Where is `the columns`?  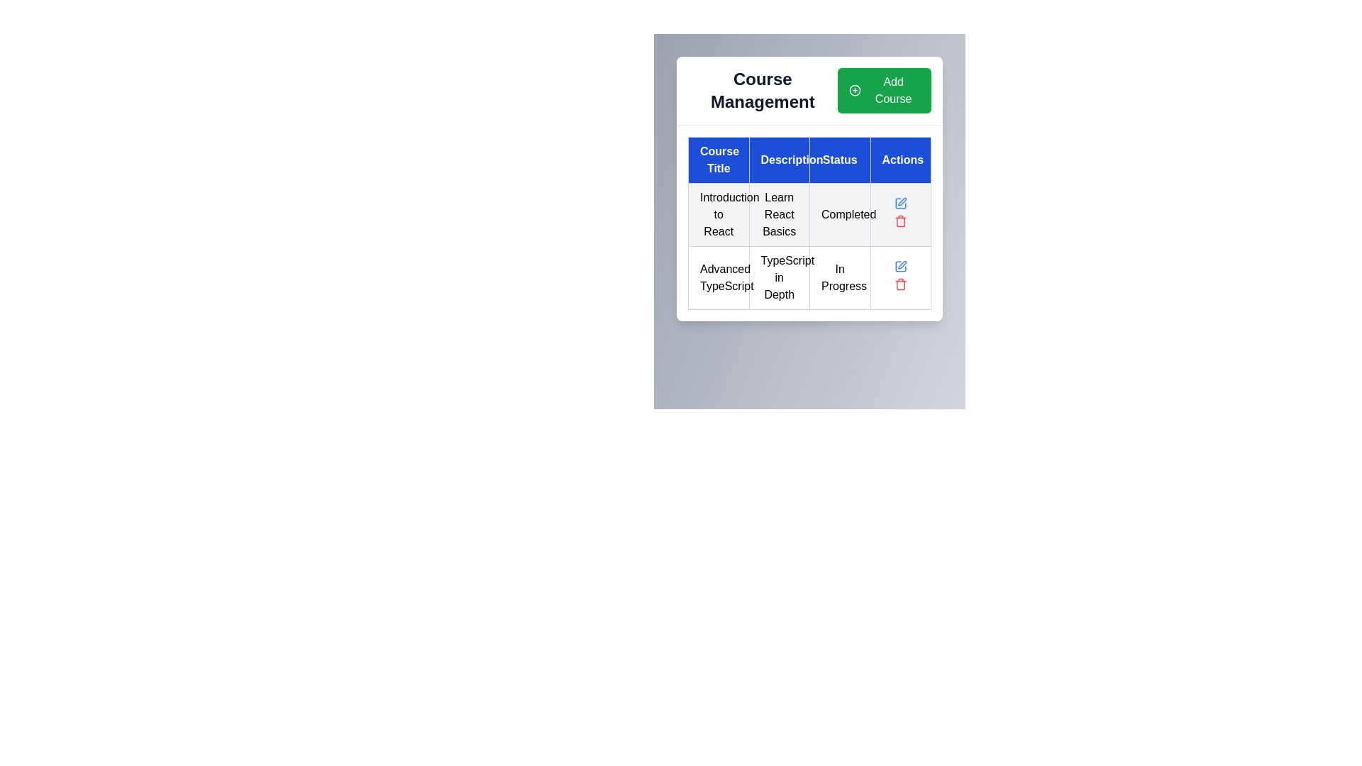
the columns is located at coordinates (809, 160).